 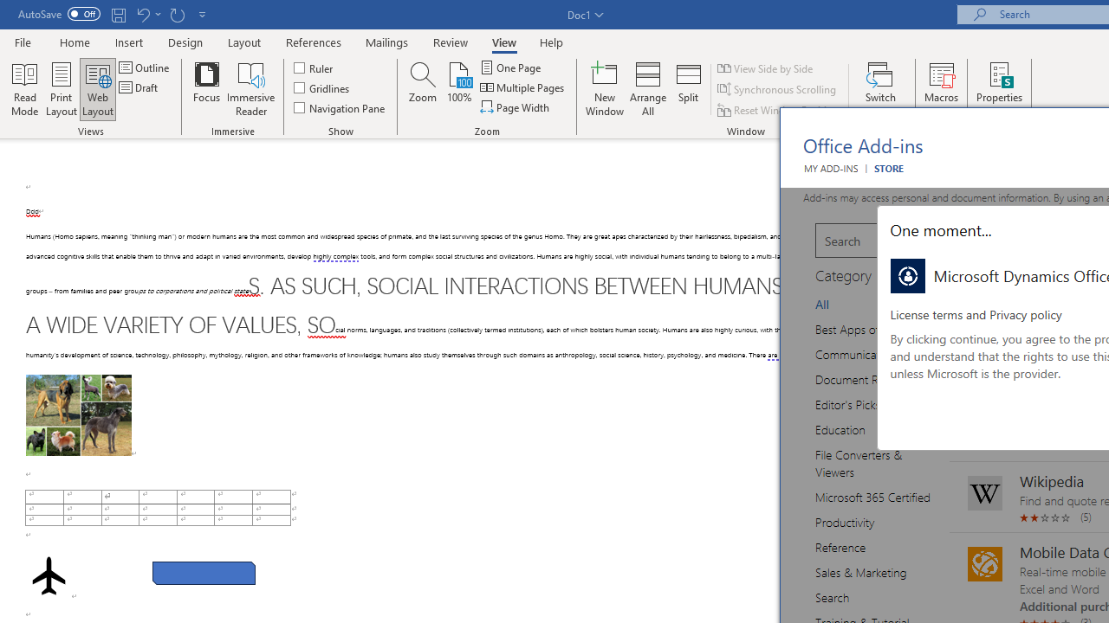 I want to click on 'View Macros', so click(x=940, y=73).